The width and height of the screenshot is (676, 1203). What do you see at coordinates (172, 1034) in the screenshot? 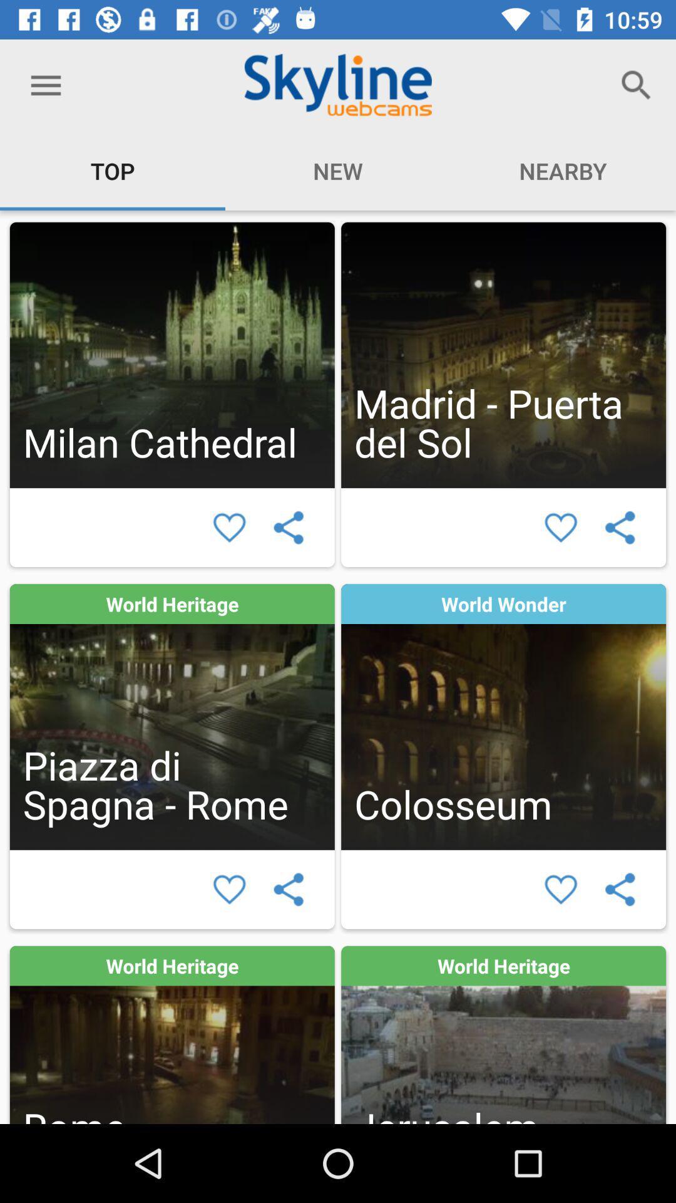
I see `click for more` at bounding box center [172, 1034].